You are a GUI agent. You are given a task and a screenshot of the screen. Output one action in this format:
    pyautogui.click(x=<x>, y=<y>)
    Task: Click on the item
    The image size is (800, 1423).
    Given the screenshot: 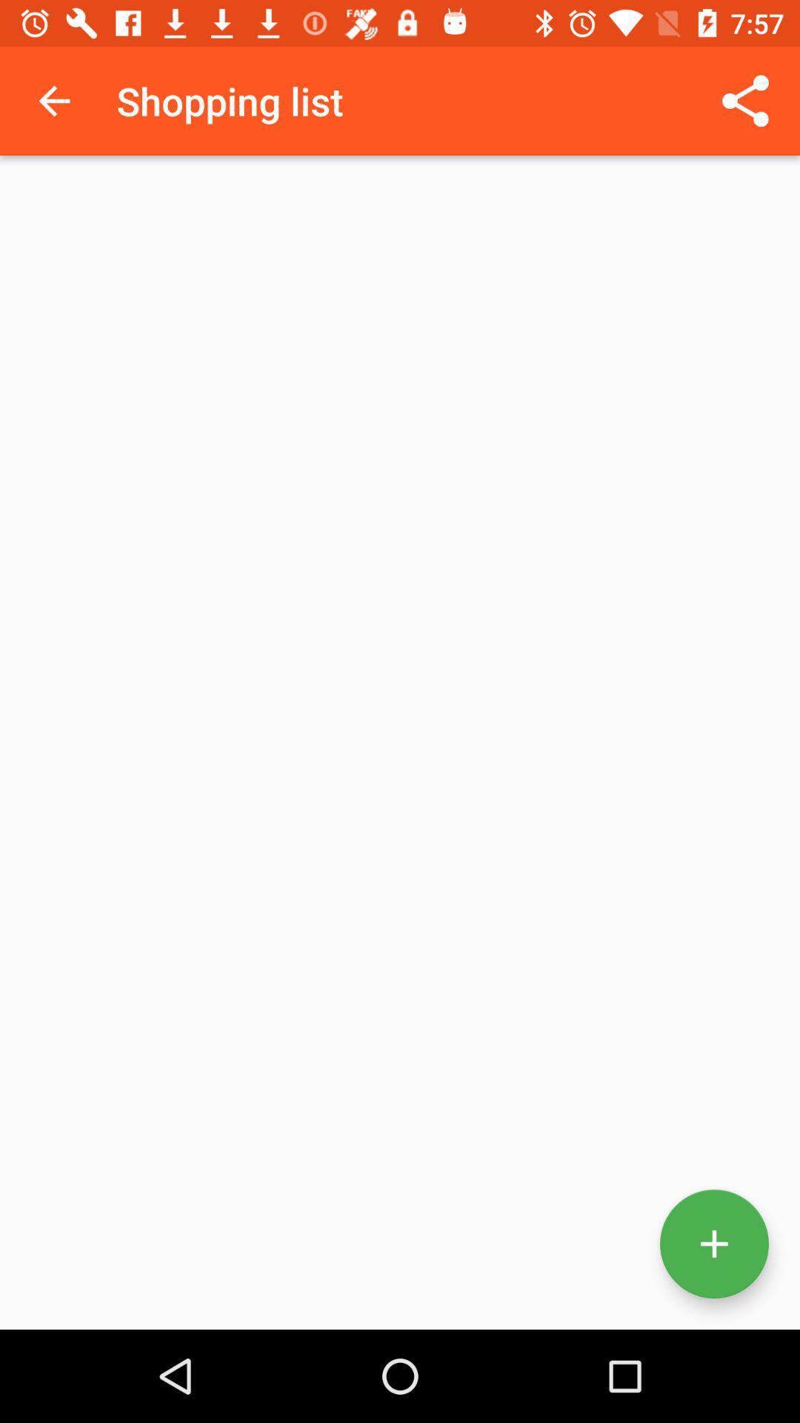 What is the action you would take?
    pyautogui.click(x=713, y=1244)
    